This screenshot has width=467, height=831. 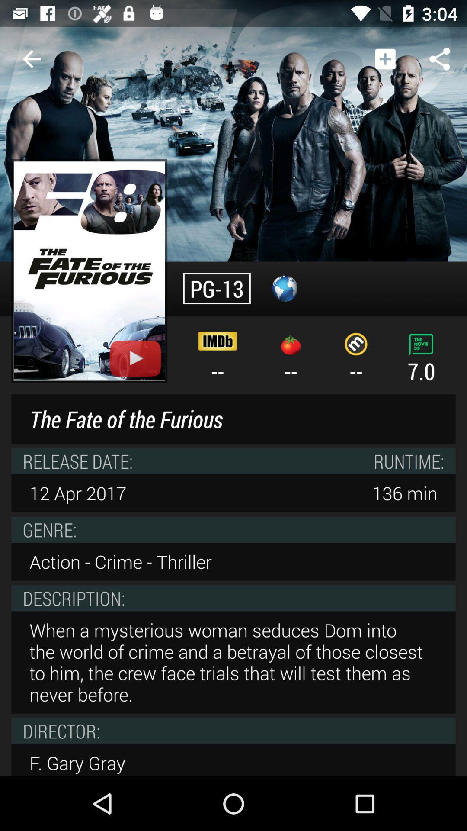 What do you see at coordinates (285, 288) in the screenshot?
I see `world` at bounding box center [285, 288].